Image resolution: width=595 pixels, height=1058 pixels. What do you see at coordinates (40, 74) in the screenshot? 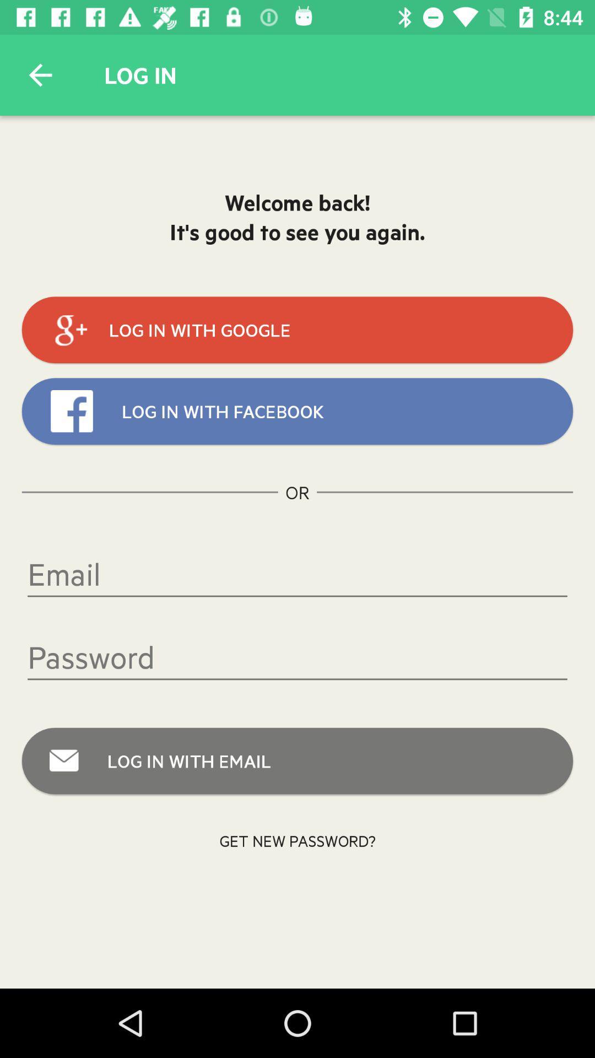
I see `the item above welcome back it` at bounding box center [40, 74].